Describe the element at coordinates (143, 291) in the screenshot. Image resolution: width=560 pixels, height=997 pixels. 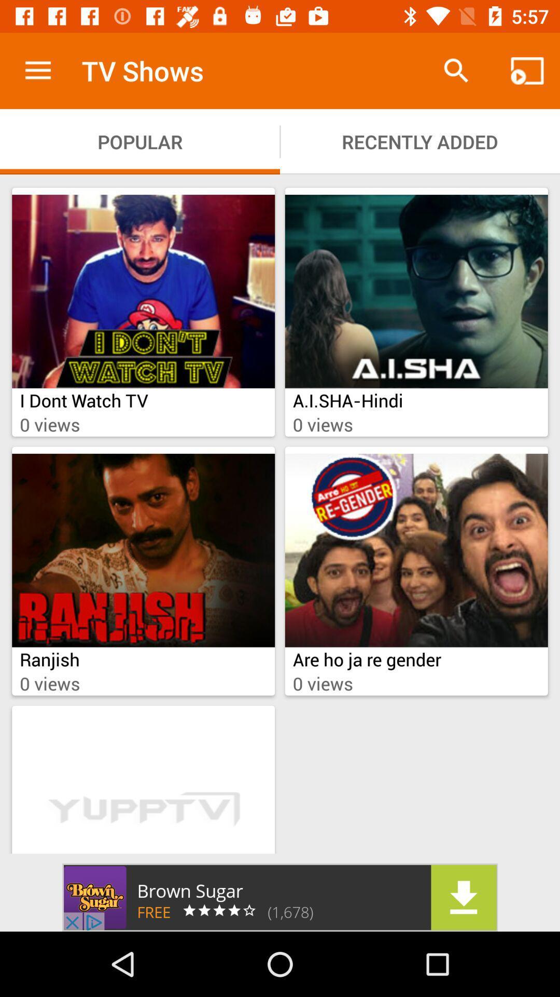
I see `the first row first column` at that location.